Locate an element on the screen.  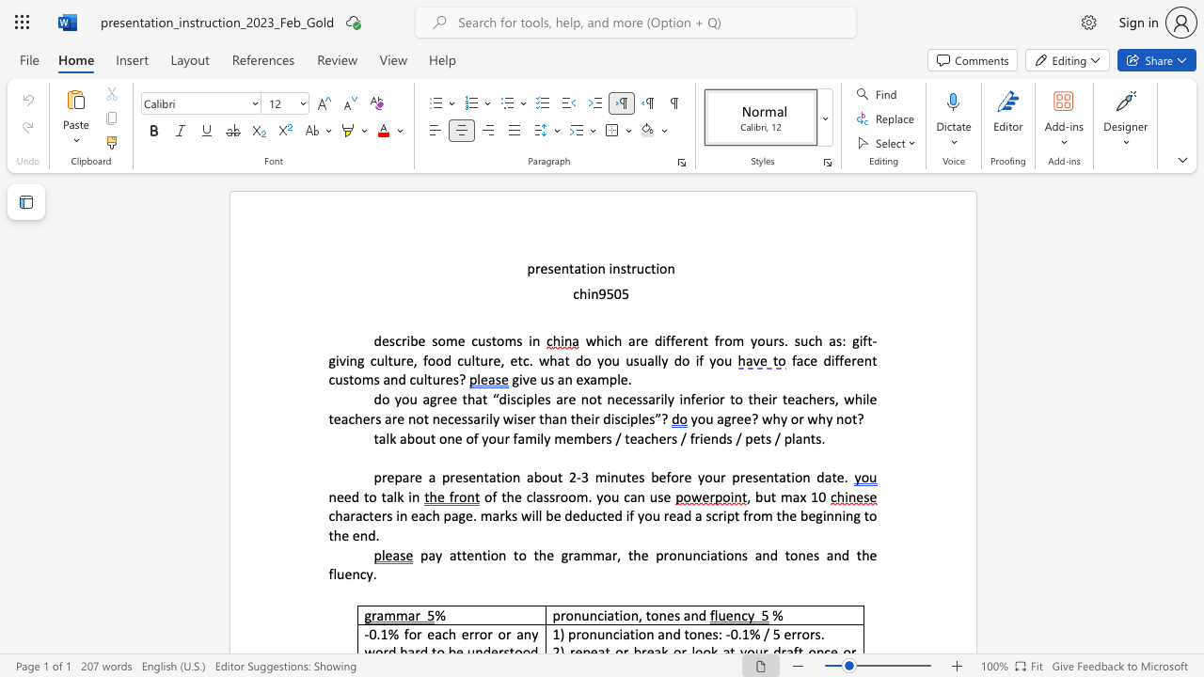
the subset text "uch as: gift-" within the text "uch as: gift-" is located at coordinates (800, 340).